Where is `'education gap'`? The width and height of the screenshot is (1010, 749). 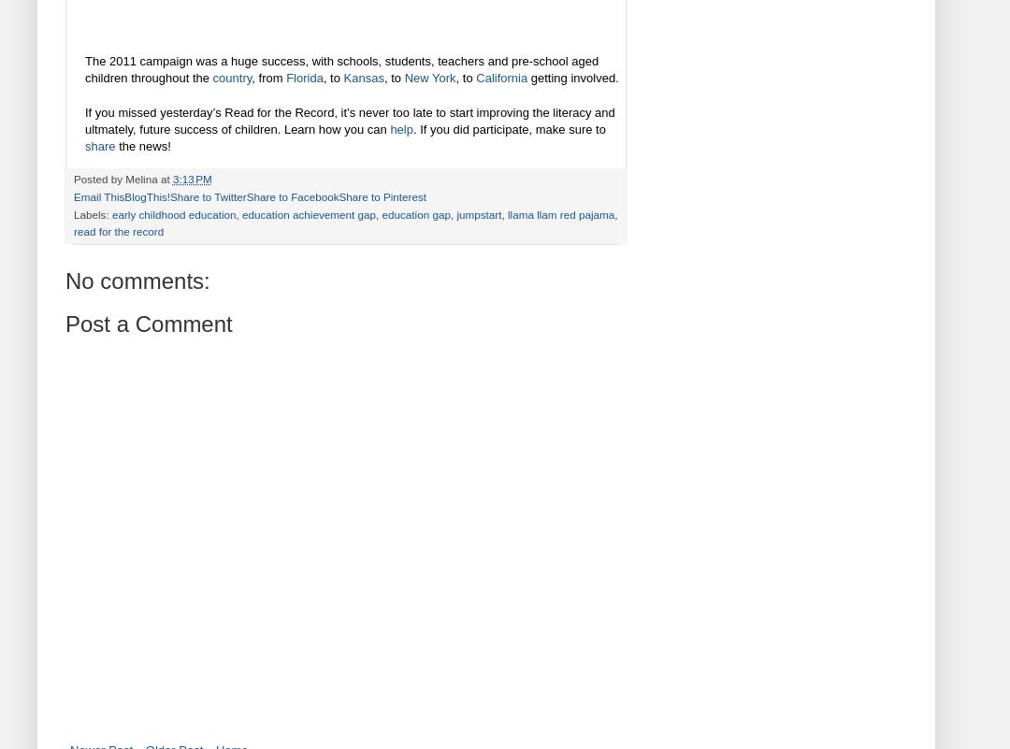
'education gap' is located at coordinates (414, 213).